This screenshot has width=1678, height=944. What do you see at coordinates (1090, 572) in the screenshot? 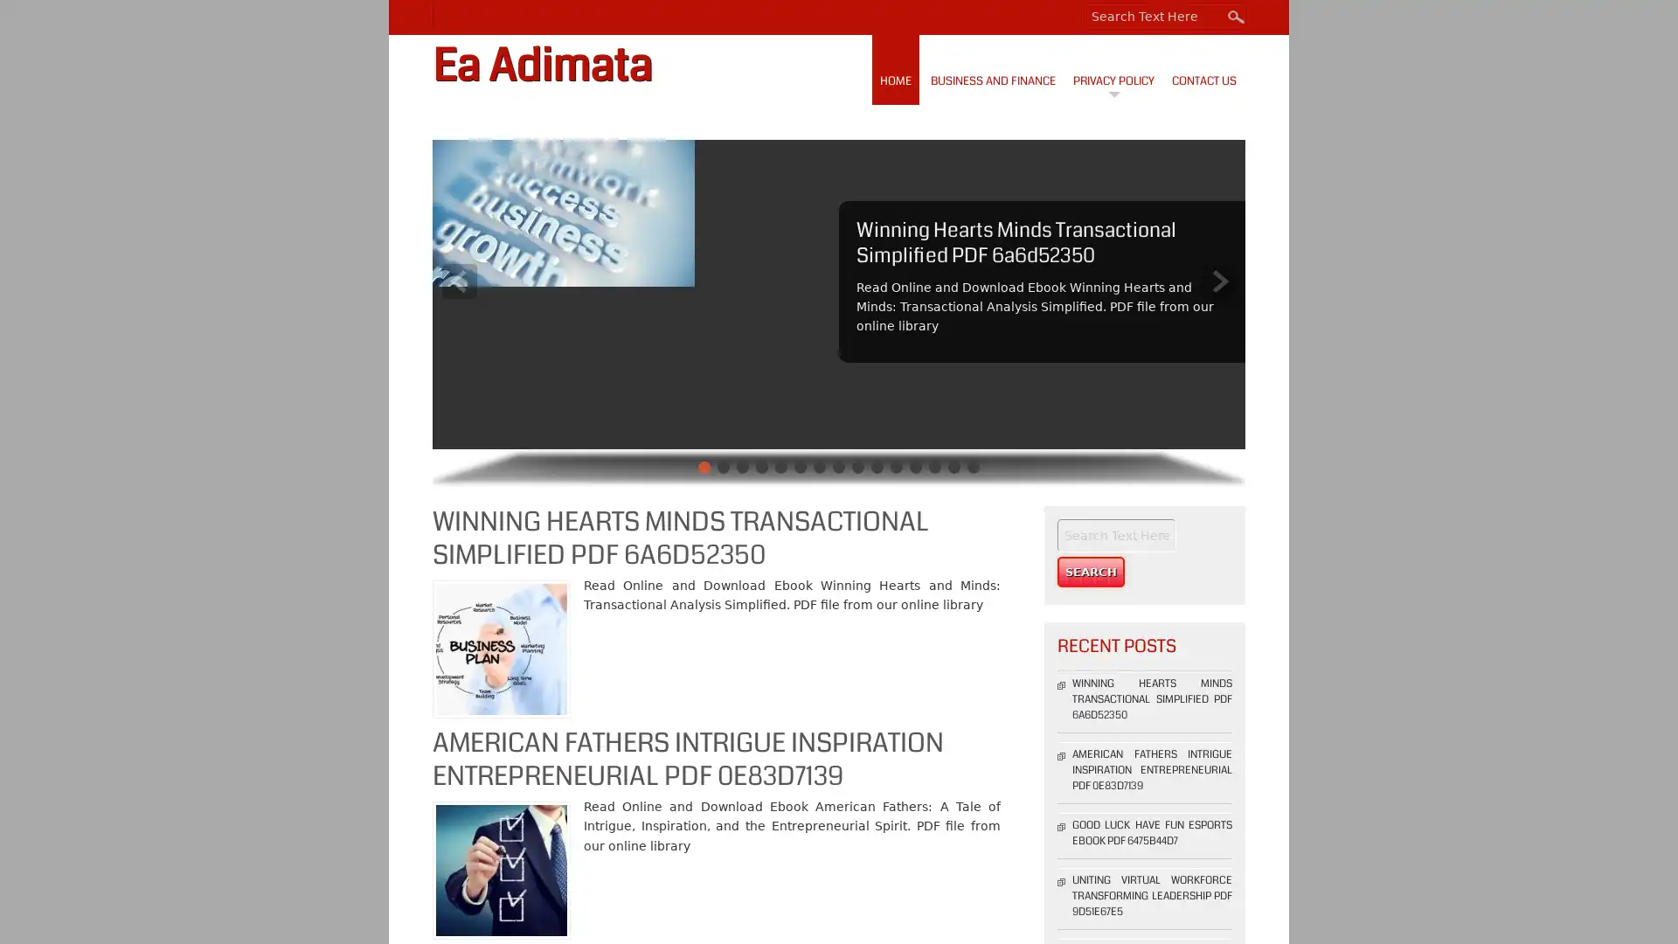
I see `Search` at bounding box center [1090, 572].